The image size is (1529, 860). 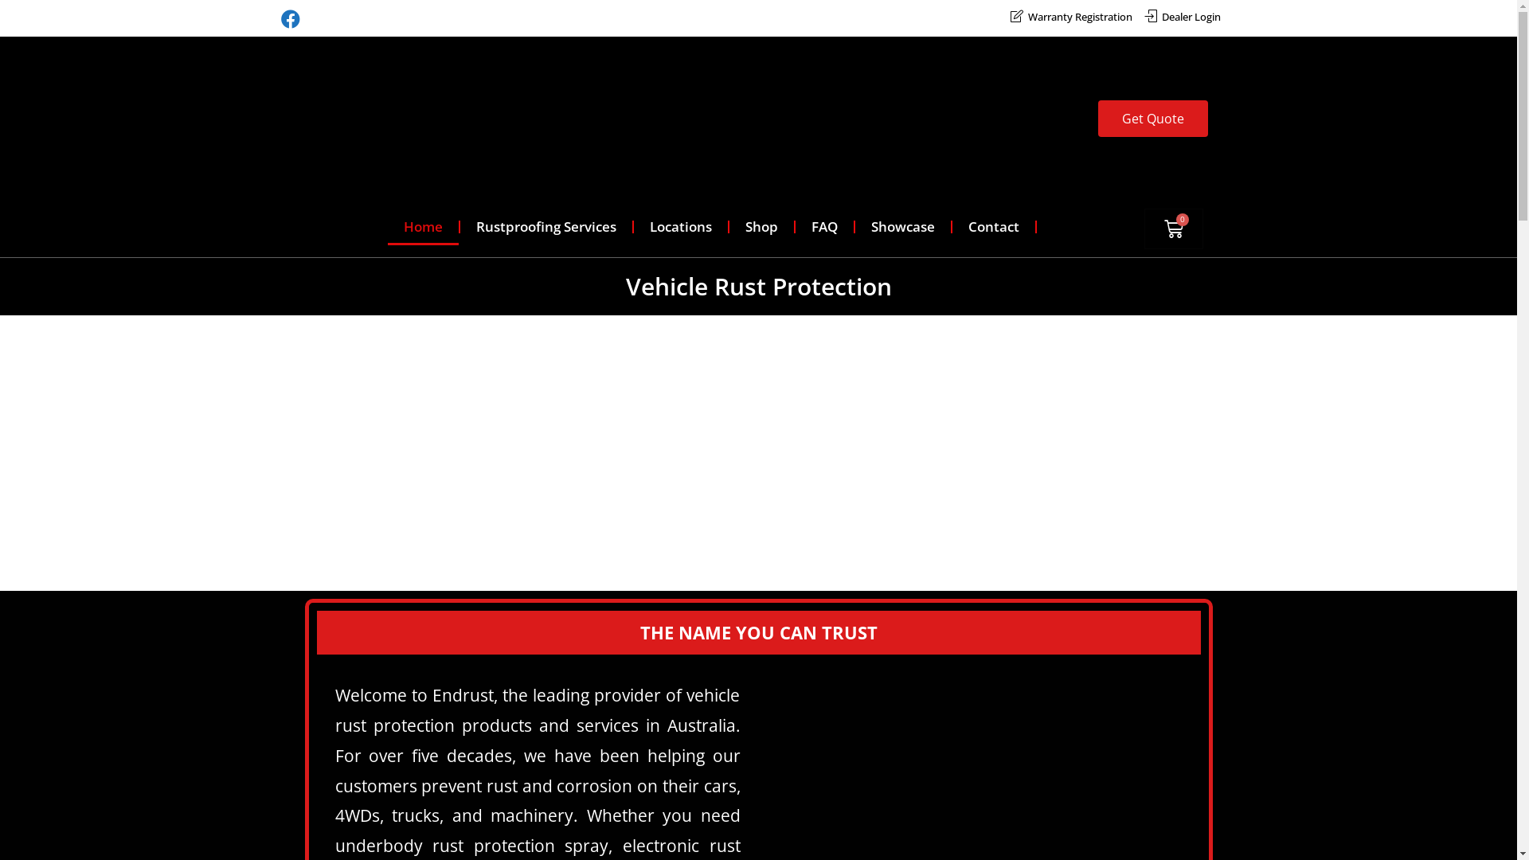 I want to click on '0', so click(x=1173, y=229).